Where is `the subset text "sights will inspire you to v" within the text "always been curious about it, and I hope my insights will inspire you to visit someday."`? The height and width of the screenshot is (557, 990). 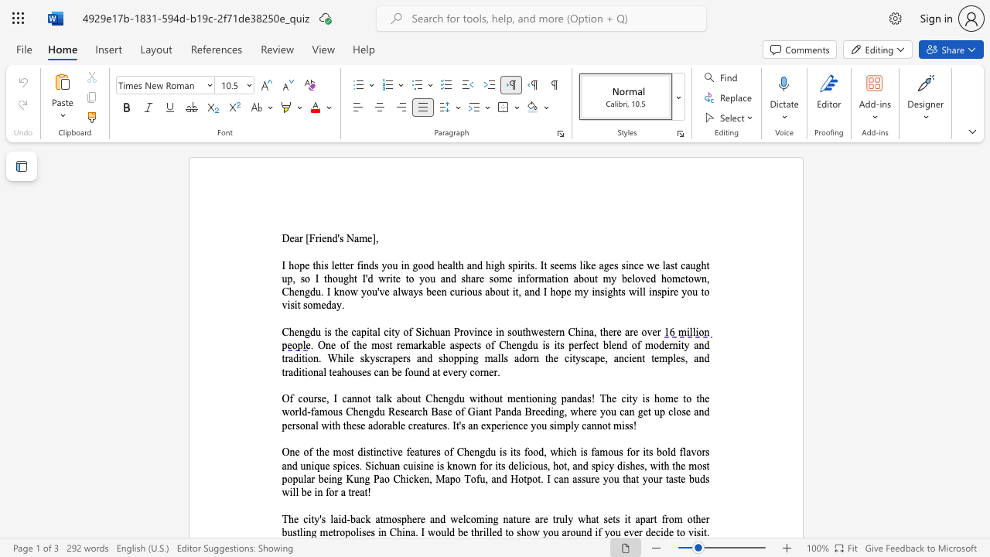 the subset text "sights will inspire you to v" within the text "always been curious about it, and I hope my insights will inspire you to visit someday." is located at coordinates (599, 292).